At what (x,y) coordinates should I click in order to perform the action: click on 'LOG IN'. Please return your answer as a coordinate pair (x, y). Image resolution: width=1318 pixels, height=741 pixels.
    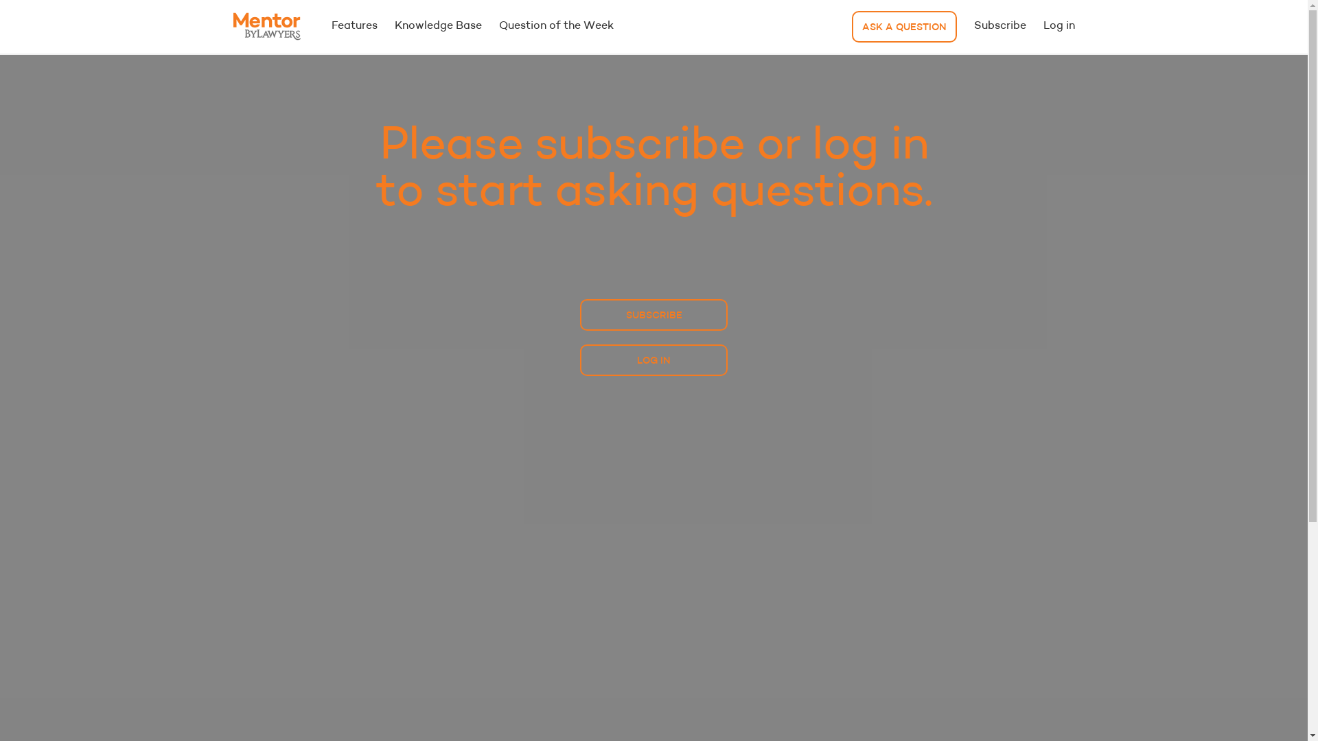
    Looking at the image, I should click on (653, 359).